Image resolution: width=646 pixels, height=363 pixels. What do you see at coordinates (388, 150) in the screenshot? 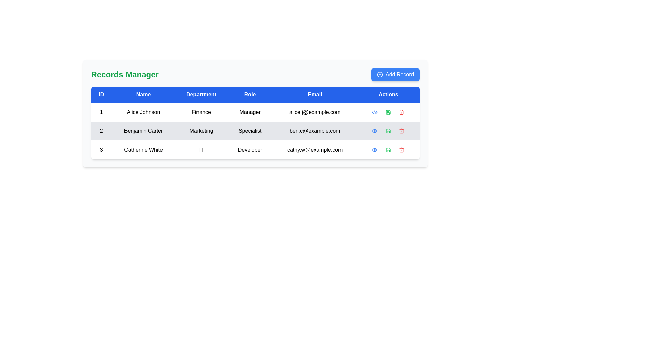
I see `the rounded square green button with a floppy disk symbol located in the 'Actions' column for user Catherine White, which is the middle icon among three action icons` at bounding box center [388, 150].